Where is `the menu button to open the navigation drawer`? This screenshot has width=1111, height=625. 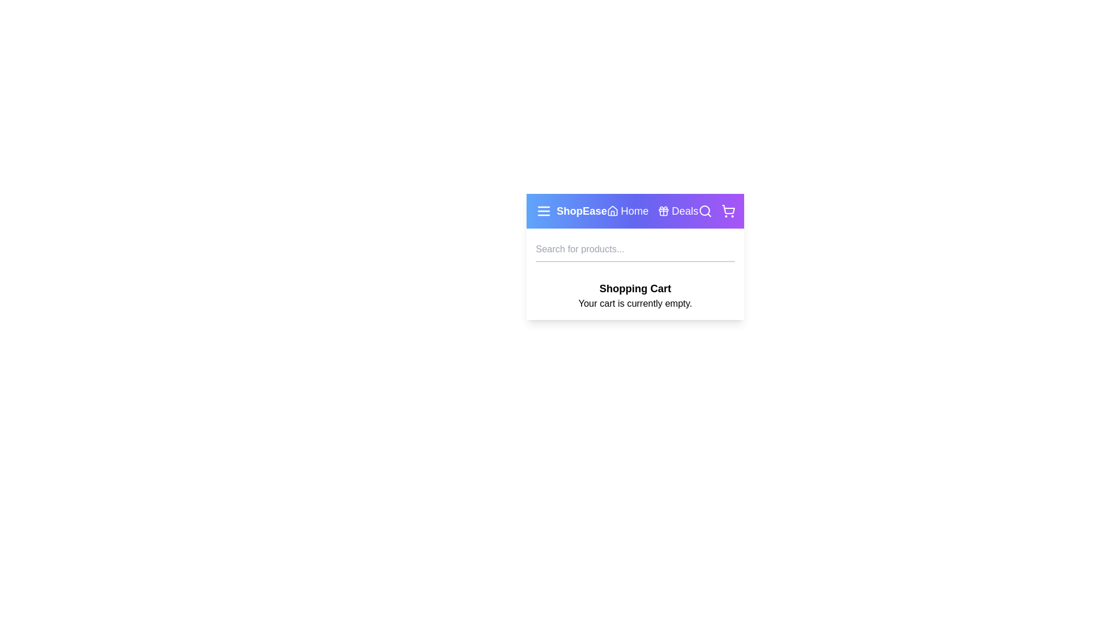
the menu button to open the navigation drawer is located at coordinates (543, 211).